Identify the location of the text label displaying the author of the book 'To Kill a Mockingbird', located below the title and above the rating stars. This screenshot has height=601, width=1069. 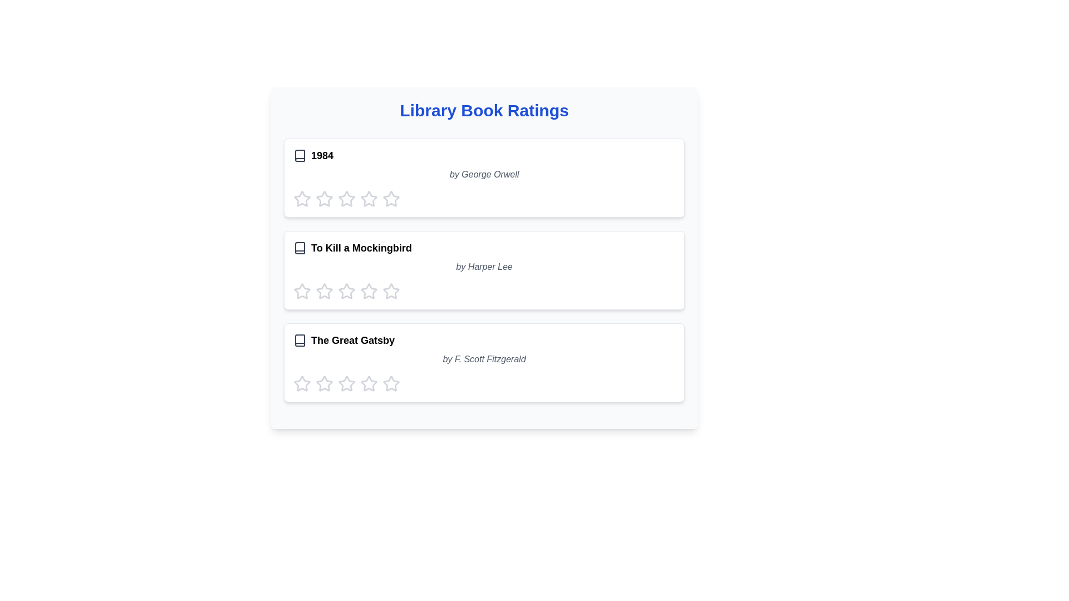
(484, 267).